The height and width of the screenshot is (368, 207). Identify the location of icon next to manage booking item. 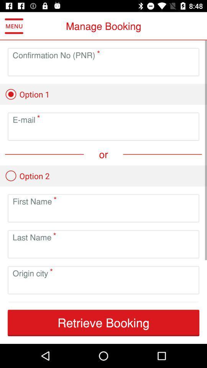
(14, 26).